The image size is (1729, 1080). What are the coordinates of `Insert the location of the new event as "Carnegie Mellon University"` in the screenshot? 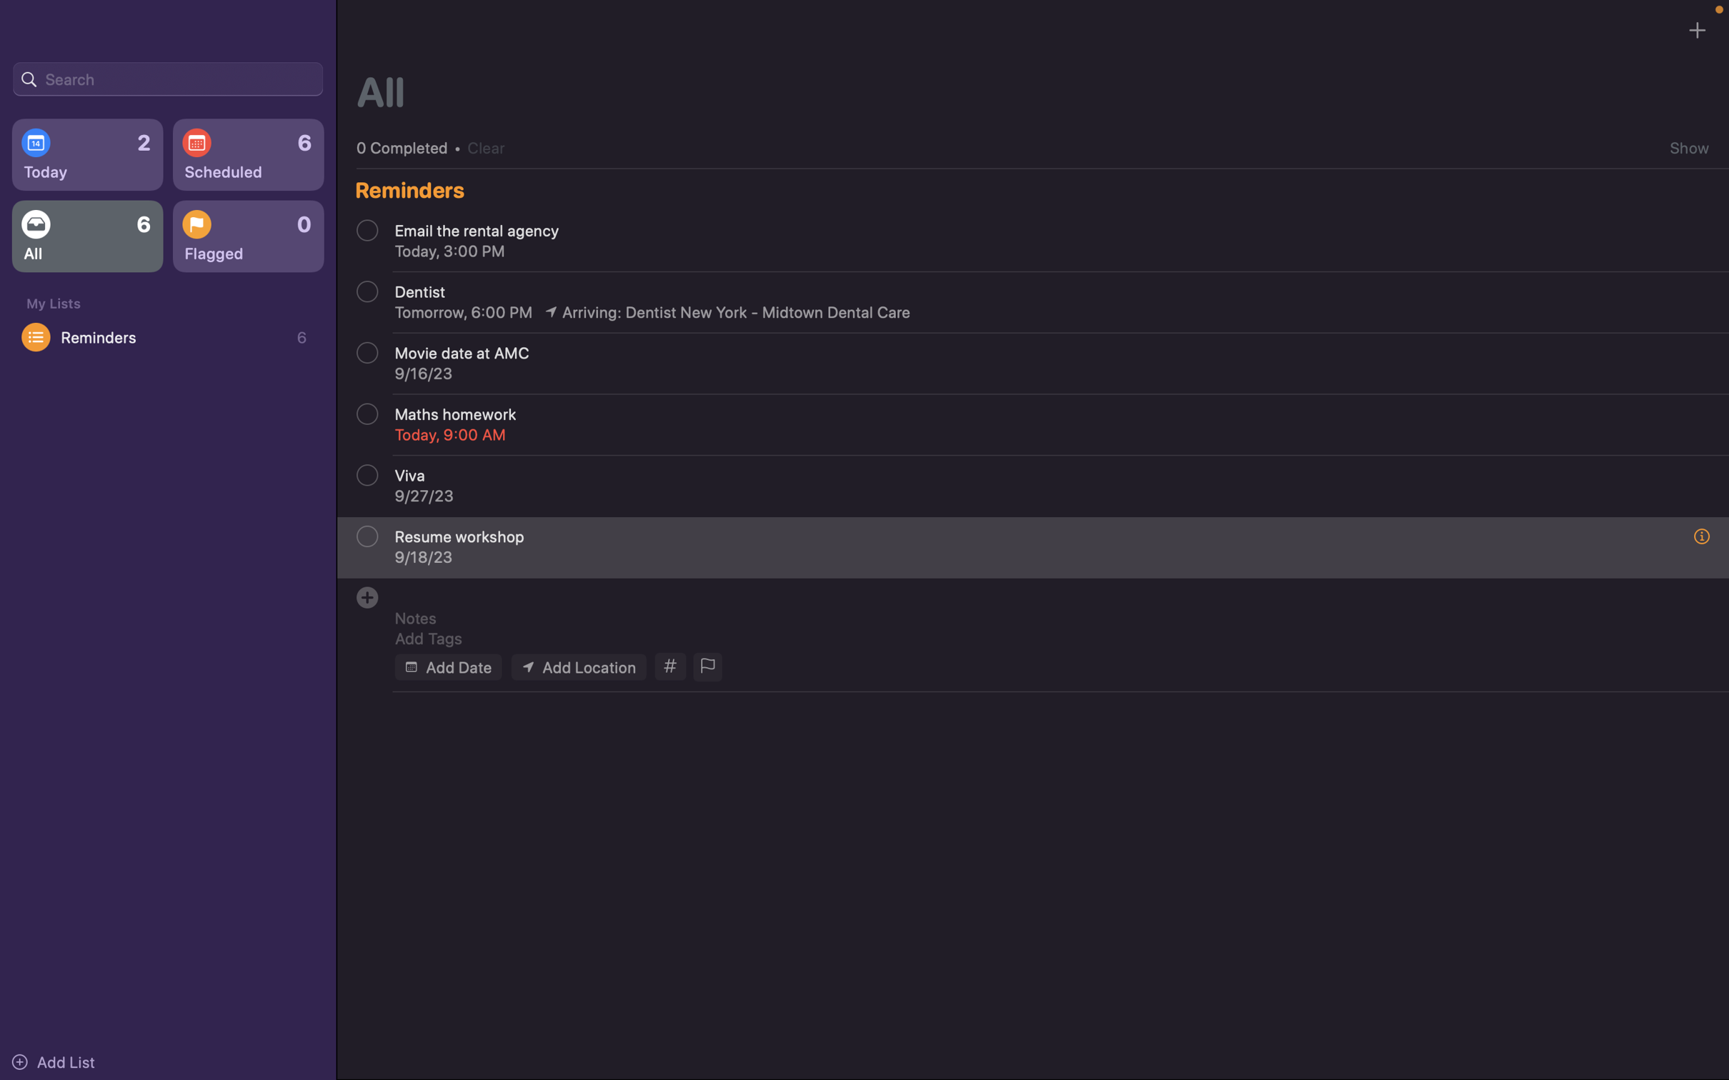 It's located at (577, 666).